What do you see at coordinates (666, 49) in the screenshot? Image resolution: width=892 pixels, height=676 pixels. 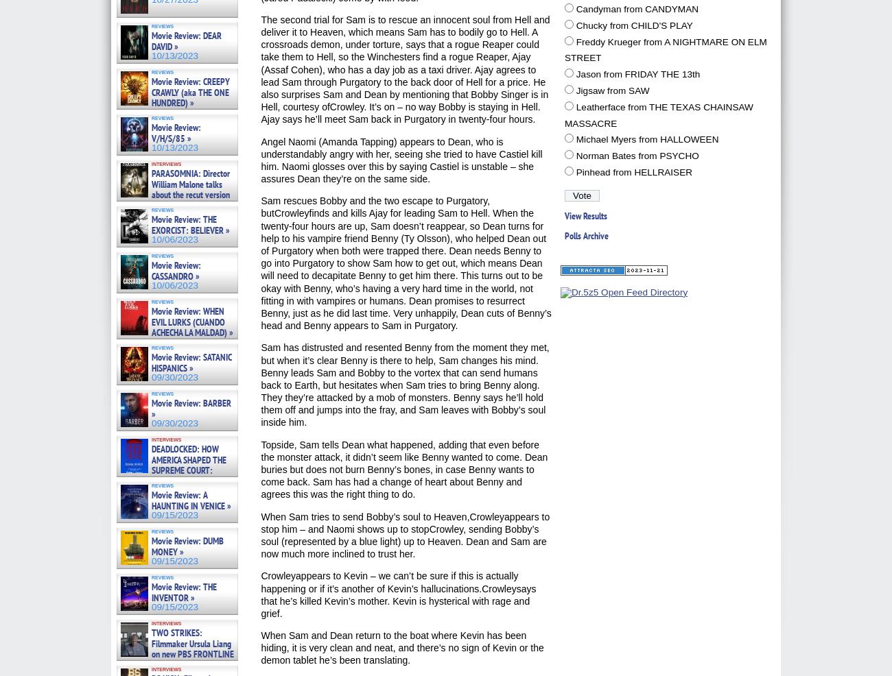 I see `'Freddy Krueger from A NIGHTMARE ON ELM STREET'` at bounding box center [666, 49].